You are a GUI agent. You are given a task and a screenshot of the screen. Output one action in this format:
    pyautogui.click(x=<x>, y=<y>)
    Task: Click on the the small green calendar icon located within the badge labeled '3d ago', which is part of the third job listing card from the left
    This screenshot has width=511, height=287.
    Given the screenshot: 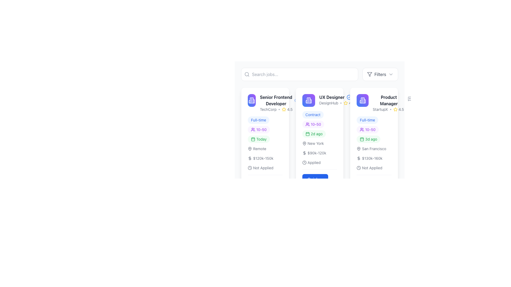 What is the action you would take?
    pyautogui.click(x=362, y=139)
    